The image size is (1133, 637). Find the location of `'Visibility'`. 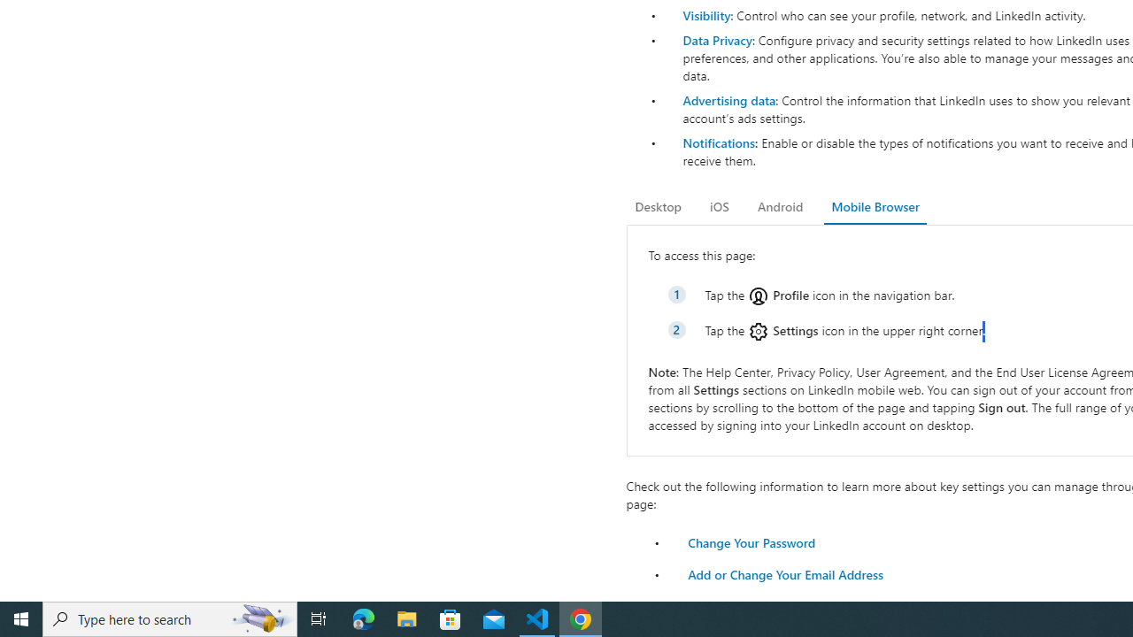

'Visibility' is located at coordinates (705, 15).